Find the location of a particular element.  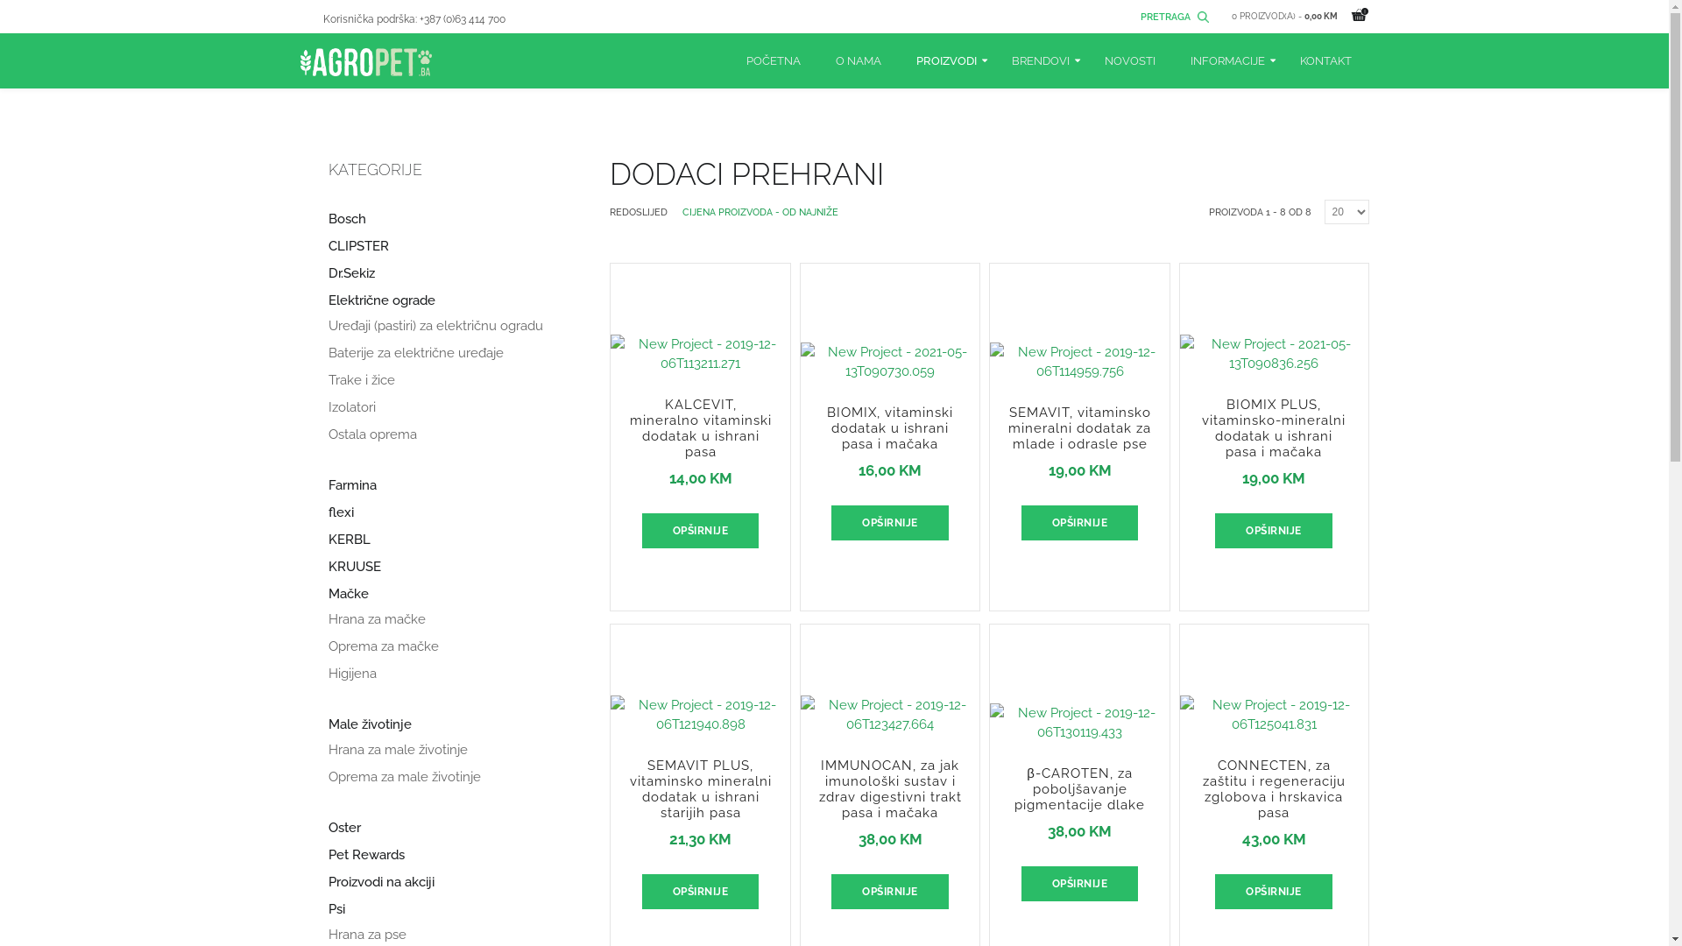

'Higijena' is located at coordinates (350, 673).